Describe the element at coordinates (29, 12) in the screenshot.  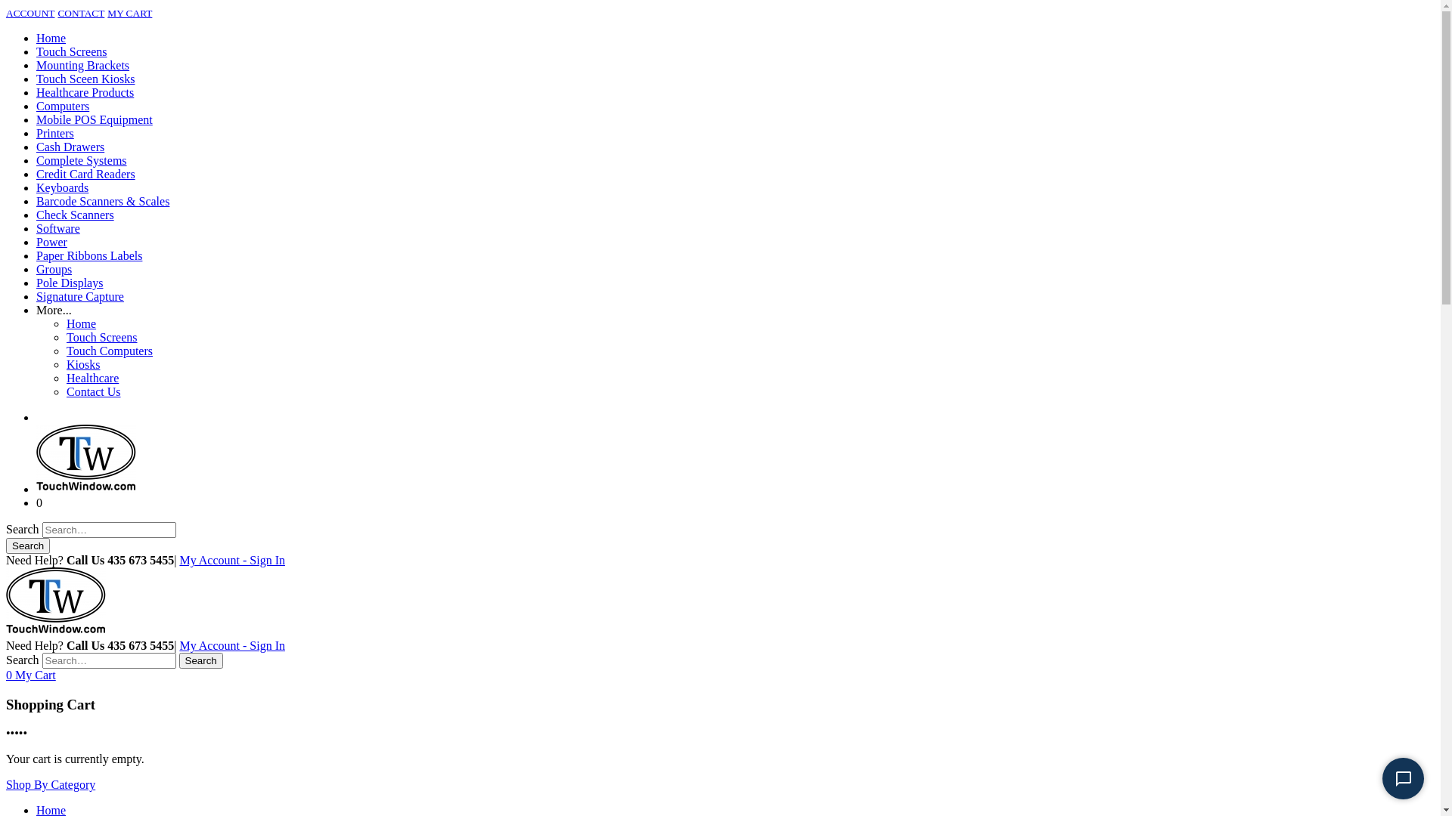
I see `'ACCOUNT'` at that location.